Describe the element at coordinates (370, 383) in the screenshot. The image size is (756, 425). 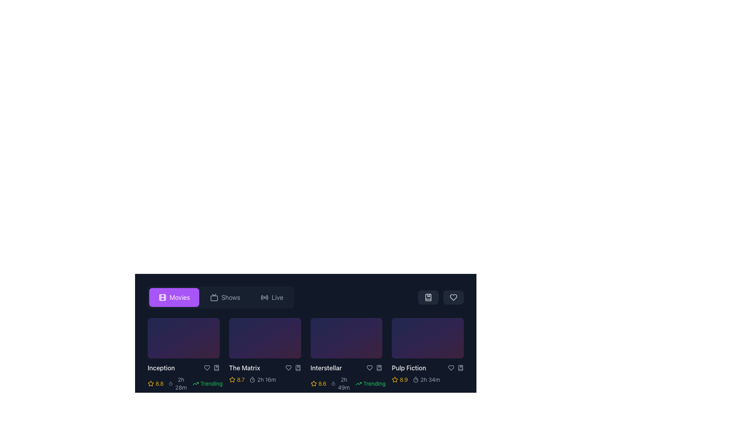
I see `the 'Trending' label element, which indicates that the associated movie is currently trending and is visually styled to draw attention as an information indicator` at that location.